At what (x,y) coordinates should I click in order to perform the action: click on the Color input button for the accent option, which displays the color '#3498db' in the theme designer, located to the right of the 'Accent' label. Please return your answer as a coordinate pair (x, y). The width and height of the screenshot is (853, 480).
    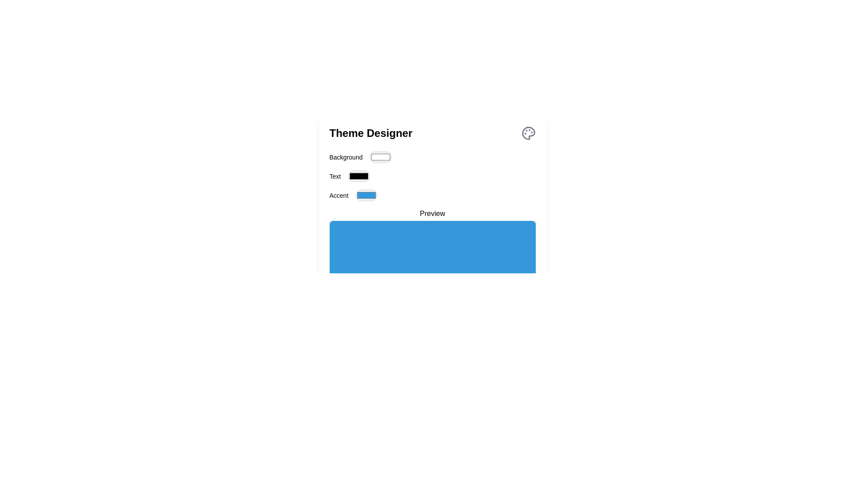
    Looking at the image, I should click on (367, 195).